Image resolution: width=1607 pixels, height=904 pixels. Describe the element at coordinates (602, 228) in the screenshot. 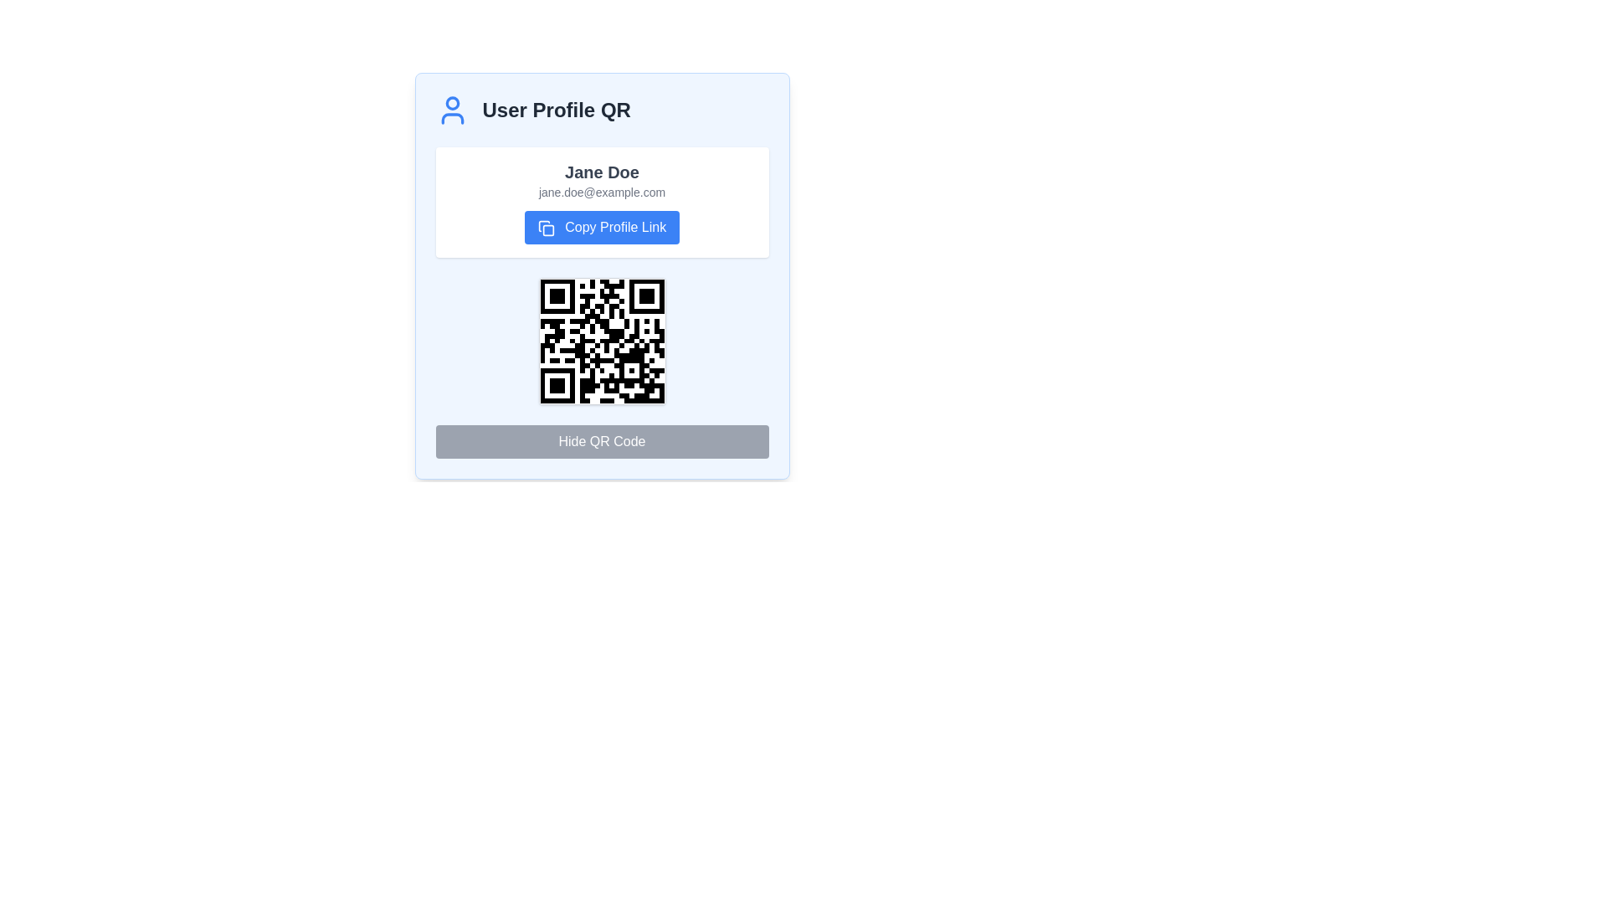

I see `the button located within the 'User Profile QR' card, positioned below 'jane.doe@example.com' and above the QR code image, to copy the profile link to the clipboard` at that location.